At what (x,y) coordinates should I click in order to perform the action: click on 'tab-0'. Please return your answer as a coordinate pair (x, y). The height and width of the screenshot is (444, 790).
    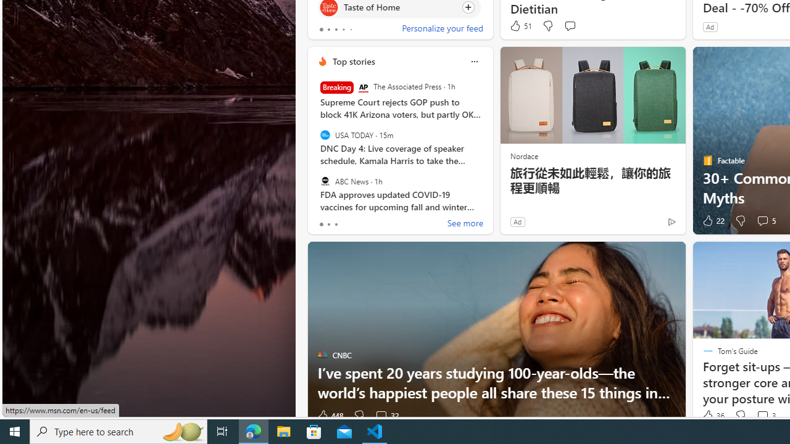
    Looking at the image, I should click on (321, 224).